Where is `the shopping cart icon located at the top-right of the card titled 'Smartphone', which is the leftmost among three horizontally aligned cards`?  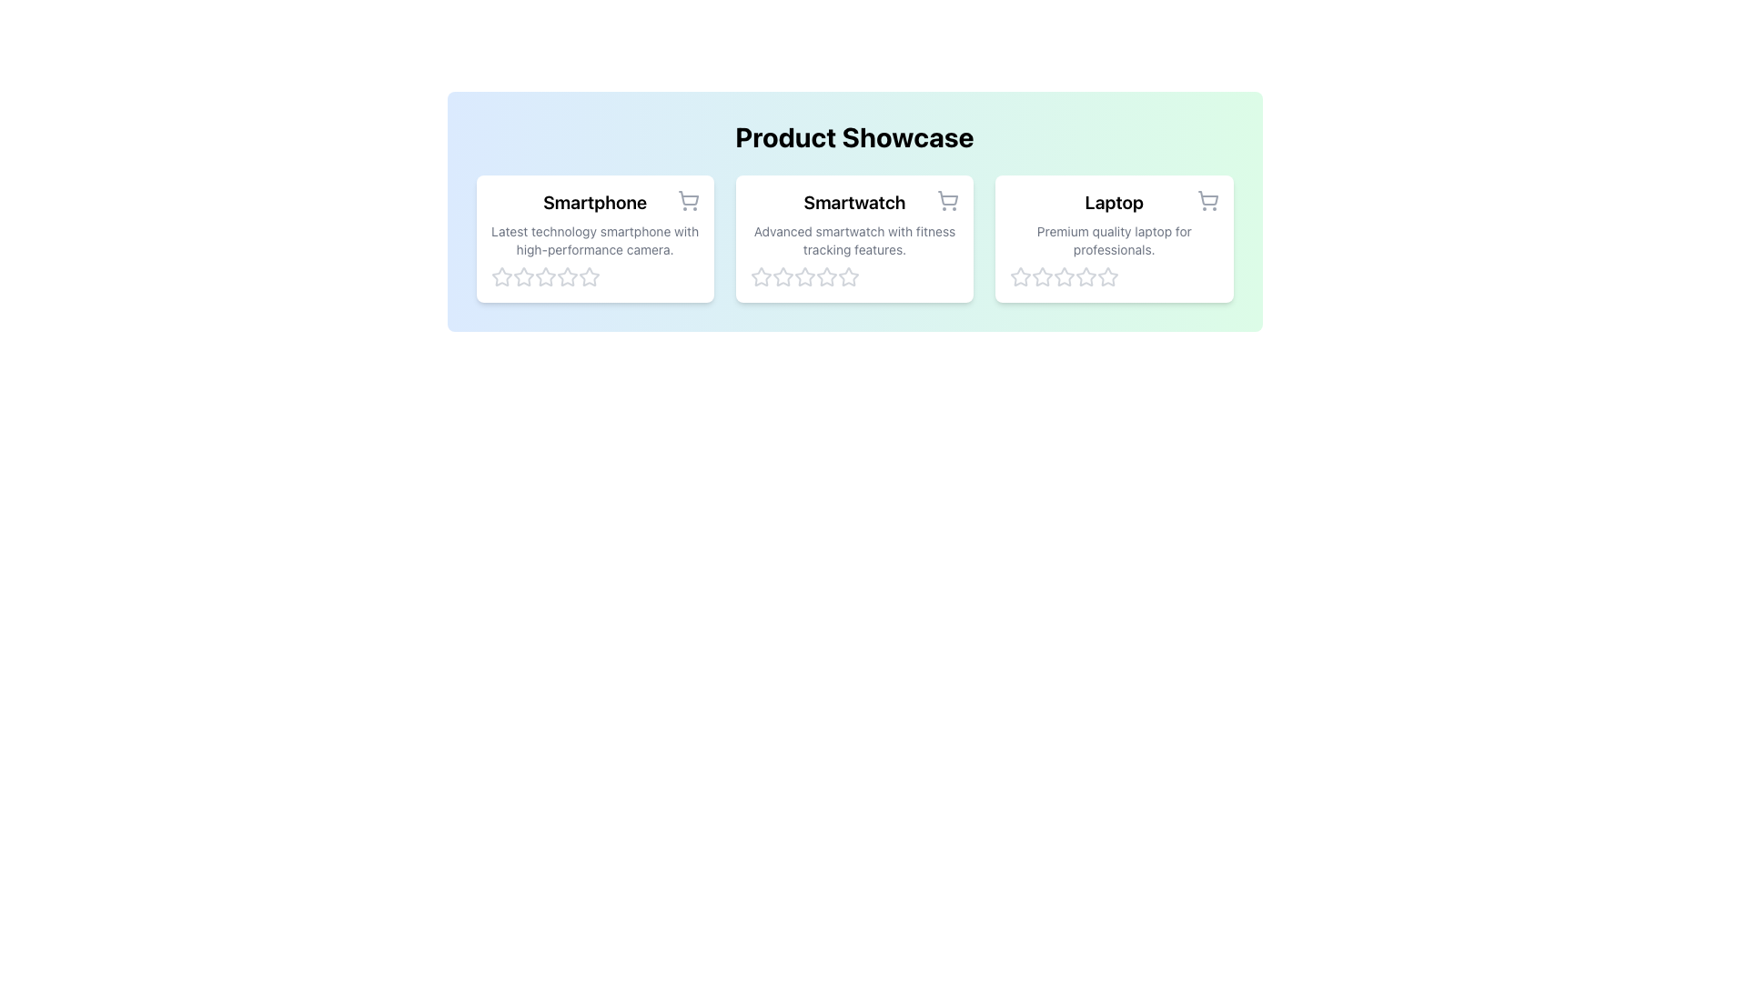
the shopping cart icon located at the top-right of the card titled 'Smartphone', which is the leftmost among three horizontally aligned cards is located at coordinates (687, 200).